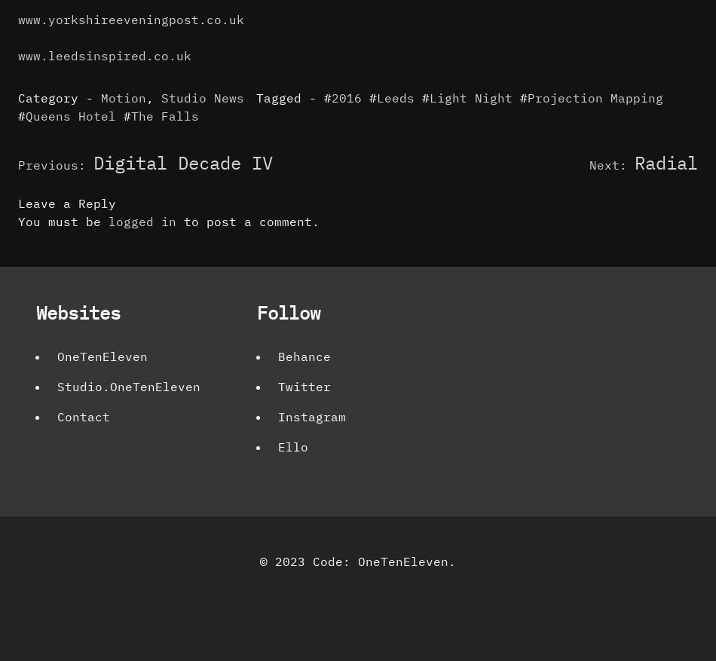 This screenshot has height=661, width=716. I want to click on 'Leeds', so click(395, 96).